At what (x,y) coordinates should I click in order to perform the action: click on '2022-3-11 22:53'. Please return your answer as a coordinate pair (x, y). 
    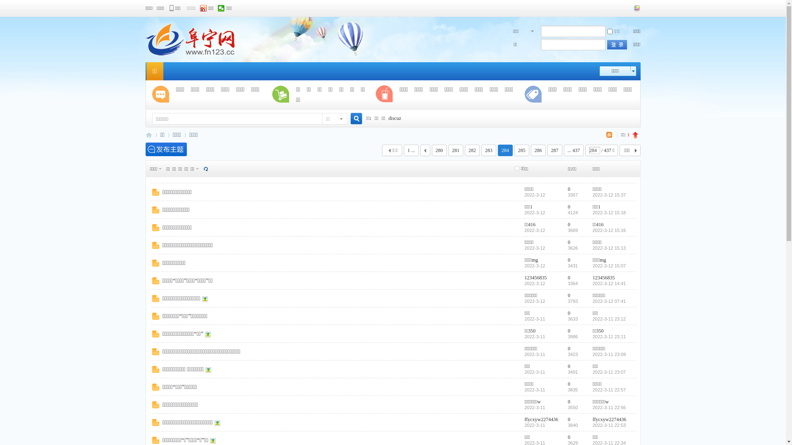
    Looking at the image, I should click on (609, 425).